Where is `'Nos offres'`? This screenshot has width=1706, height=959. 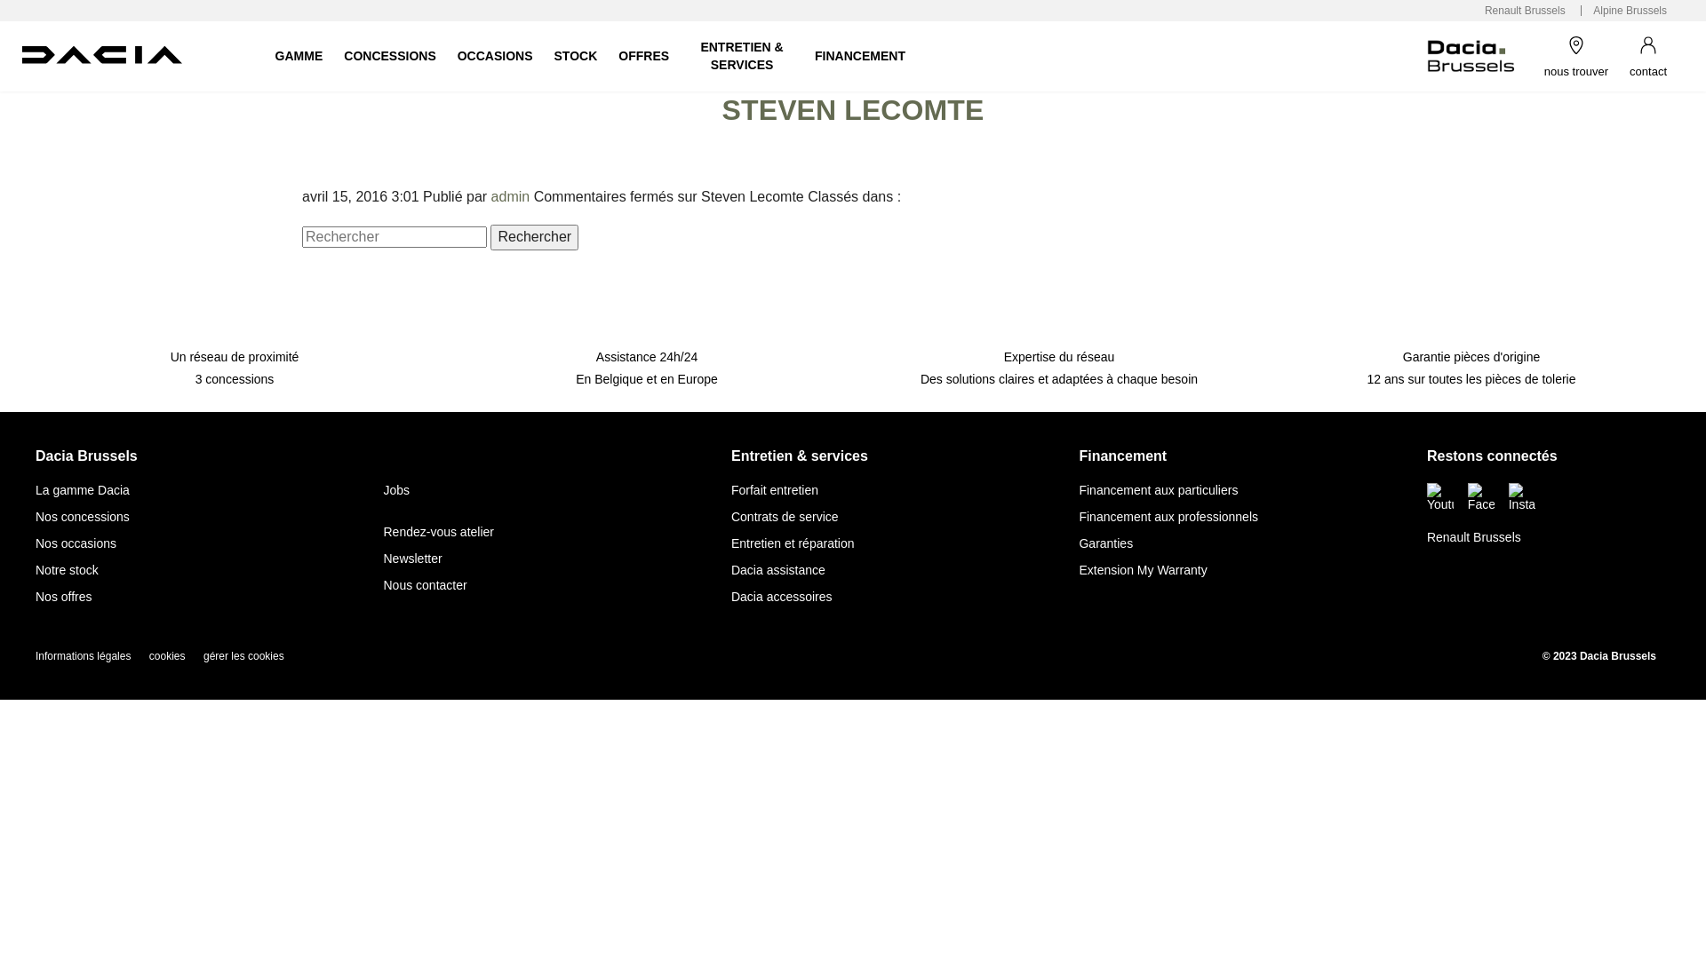
'Nos offres' is located at coordinates (64, 596).